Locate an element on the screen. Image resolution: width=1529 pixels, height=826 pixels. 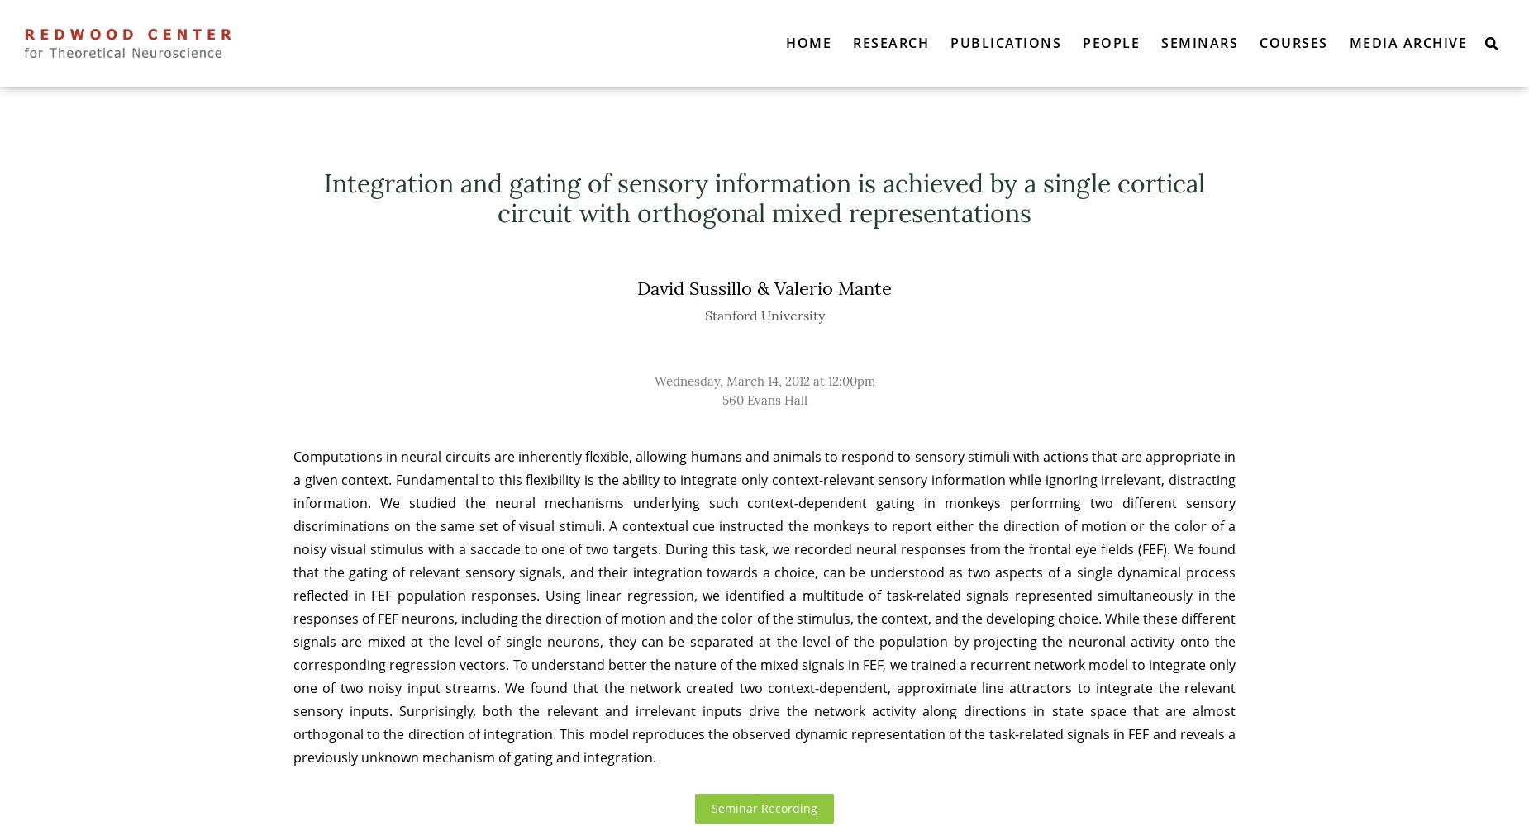
'Computations in neural circuits are inherently flexible, allowing humans and animals to respond to sensory stimuli with actions that are appropriate in a given context. Fundamental to this flexibility is the ability to integrate only context-relevant sensory information while ignoring irrelevant, distracting information. We studied the neural mechanisms underlying such context-dependent gating in monkeys performing two different sensory discriminations on the same set of visual stimuli. A contextual cue instructed the monkeys to report either the direction of motion or the color of a noisy visual stimulus with a saccade to one of two targets. During this task, we recorded neural responses from the frontal eye fields (FEF). We found that the gating of relevant sensory signals, and their integration towards a choice, can be understood as two aspects of a single dynamical process reflected in FEF population responses. Using linear regression, we identified a multitude of task-related signals represented simultaneously in the responses of FEF neurons, including the direction of motion and the color of the stimulus, the context, and the developing choice. While these different signals are mixed at the level of single neurons, they can be separated at the level of the population by projecting the neuronal activity onto the corresponding regression vectors. To understand better the nature of the mixed signals in FEF, we trained a recurrent network model to integrate only one of two noisy input streams. We found that the network created two context-dependent, approximate line attractors to integrate the relevant sensory inputs. Surprisingly, both the relevant and irrelevant inputs drive the network activity along directions in state space that are almost orthogonal to the direction of integration. This model reproduces the observed dynamic representation of the task-related signals in FEF and reveals a previously unknown mechanism of gating and integration.' is located at coordinates (764, 605).